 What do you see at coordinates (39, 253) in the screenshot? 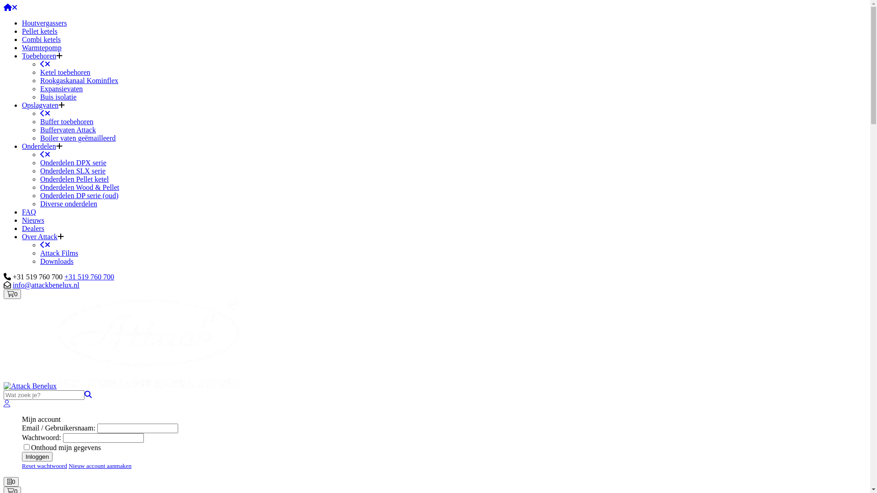
I see `'Attack Films'` at bounding box center [39, 253].